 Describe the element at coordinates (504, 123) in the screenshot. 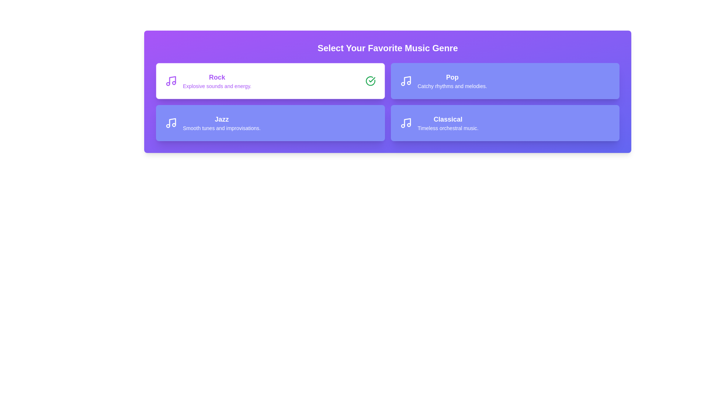

I see `the 'Classical' music genre selectable card located in the bottom-right corner of the music genre selection interface` at that location.